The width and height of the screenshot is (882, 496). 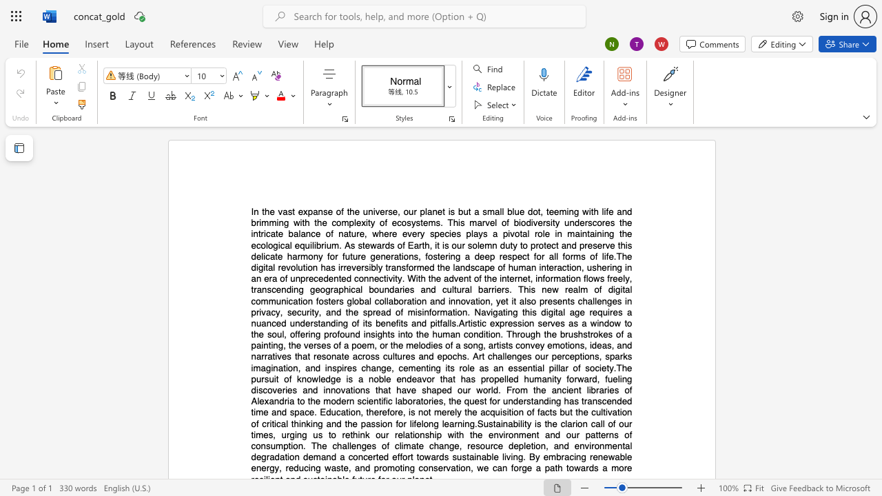 What do you see at coordinates (604, 367) in the screenshot?
I see `the 1th character "e" in the text` at bounding box center [604, 367].